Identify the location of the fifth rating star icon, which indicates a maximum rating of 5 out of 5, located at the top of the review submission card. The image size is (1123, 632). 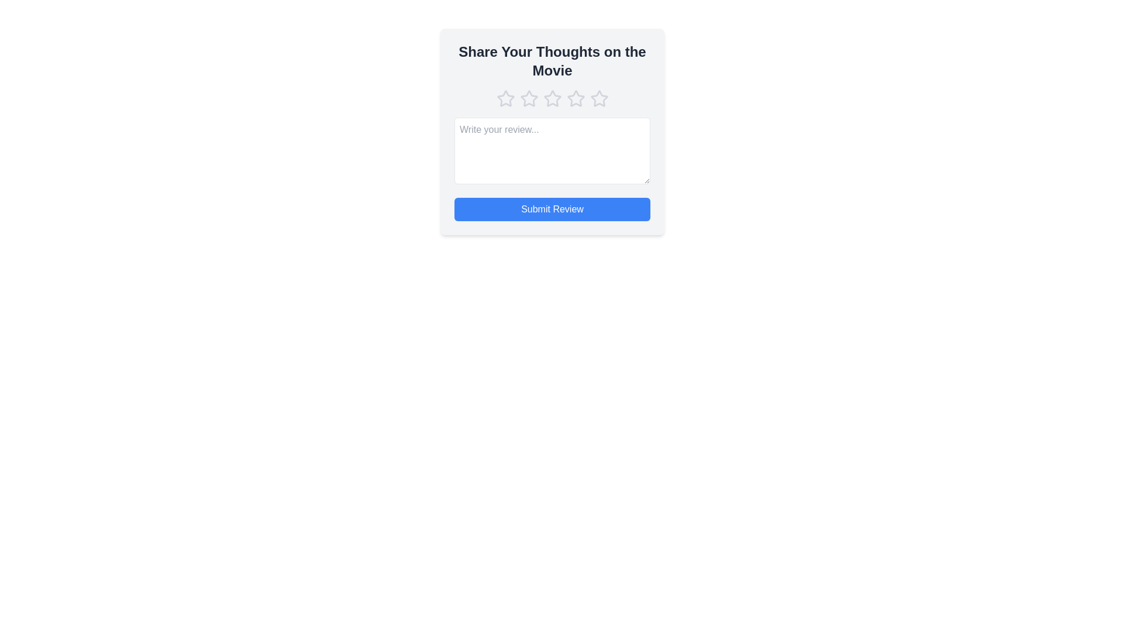
(599, 98).